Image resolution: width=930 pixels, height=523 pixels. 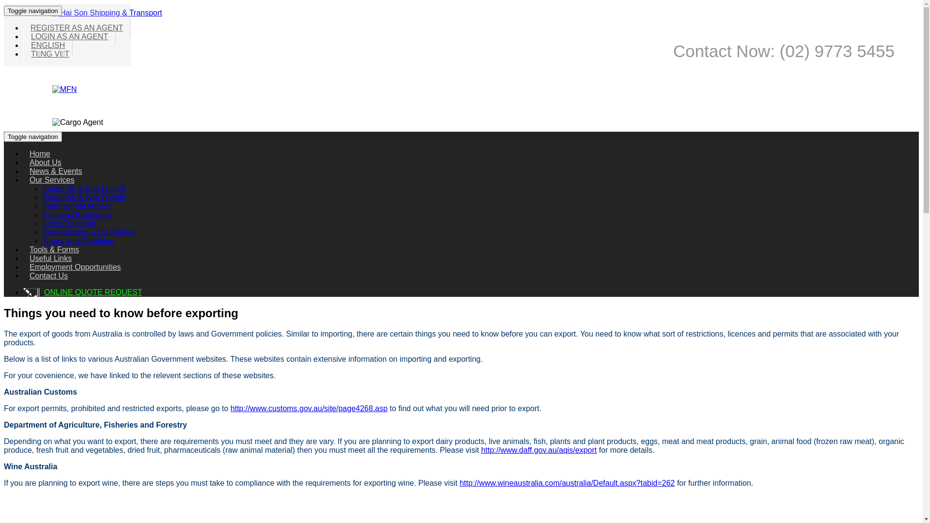 What do you see at coordinates (78, 240) in the screenshot?
I see `'Terms and Condition'` at bounding box center [78, 240].